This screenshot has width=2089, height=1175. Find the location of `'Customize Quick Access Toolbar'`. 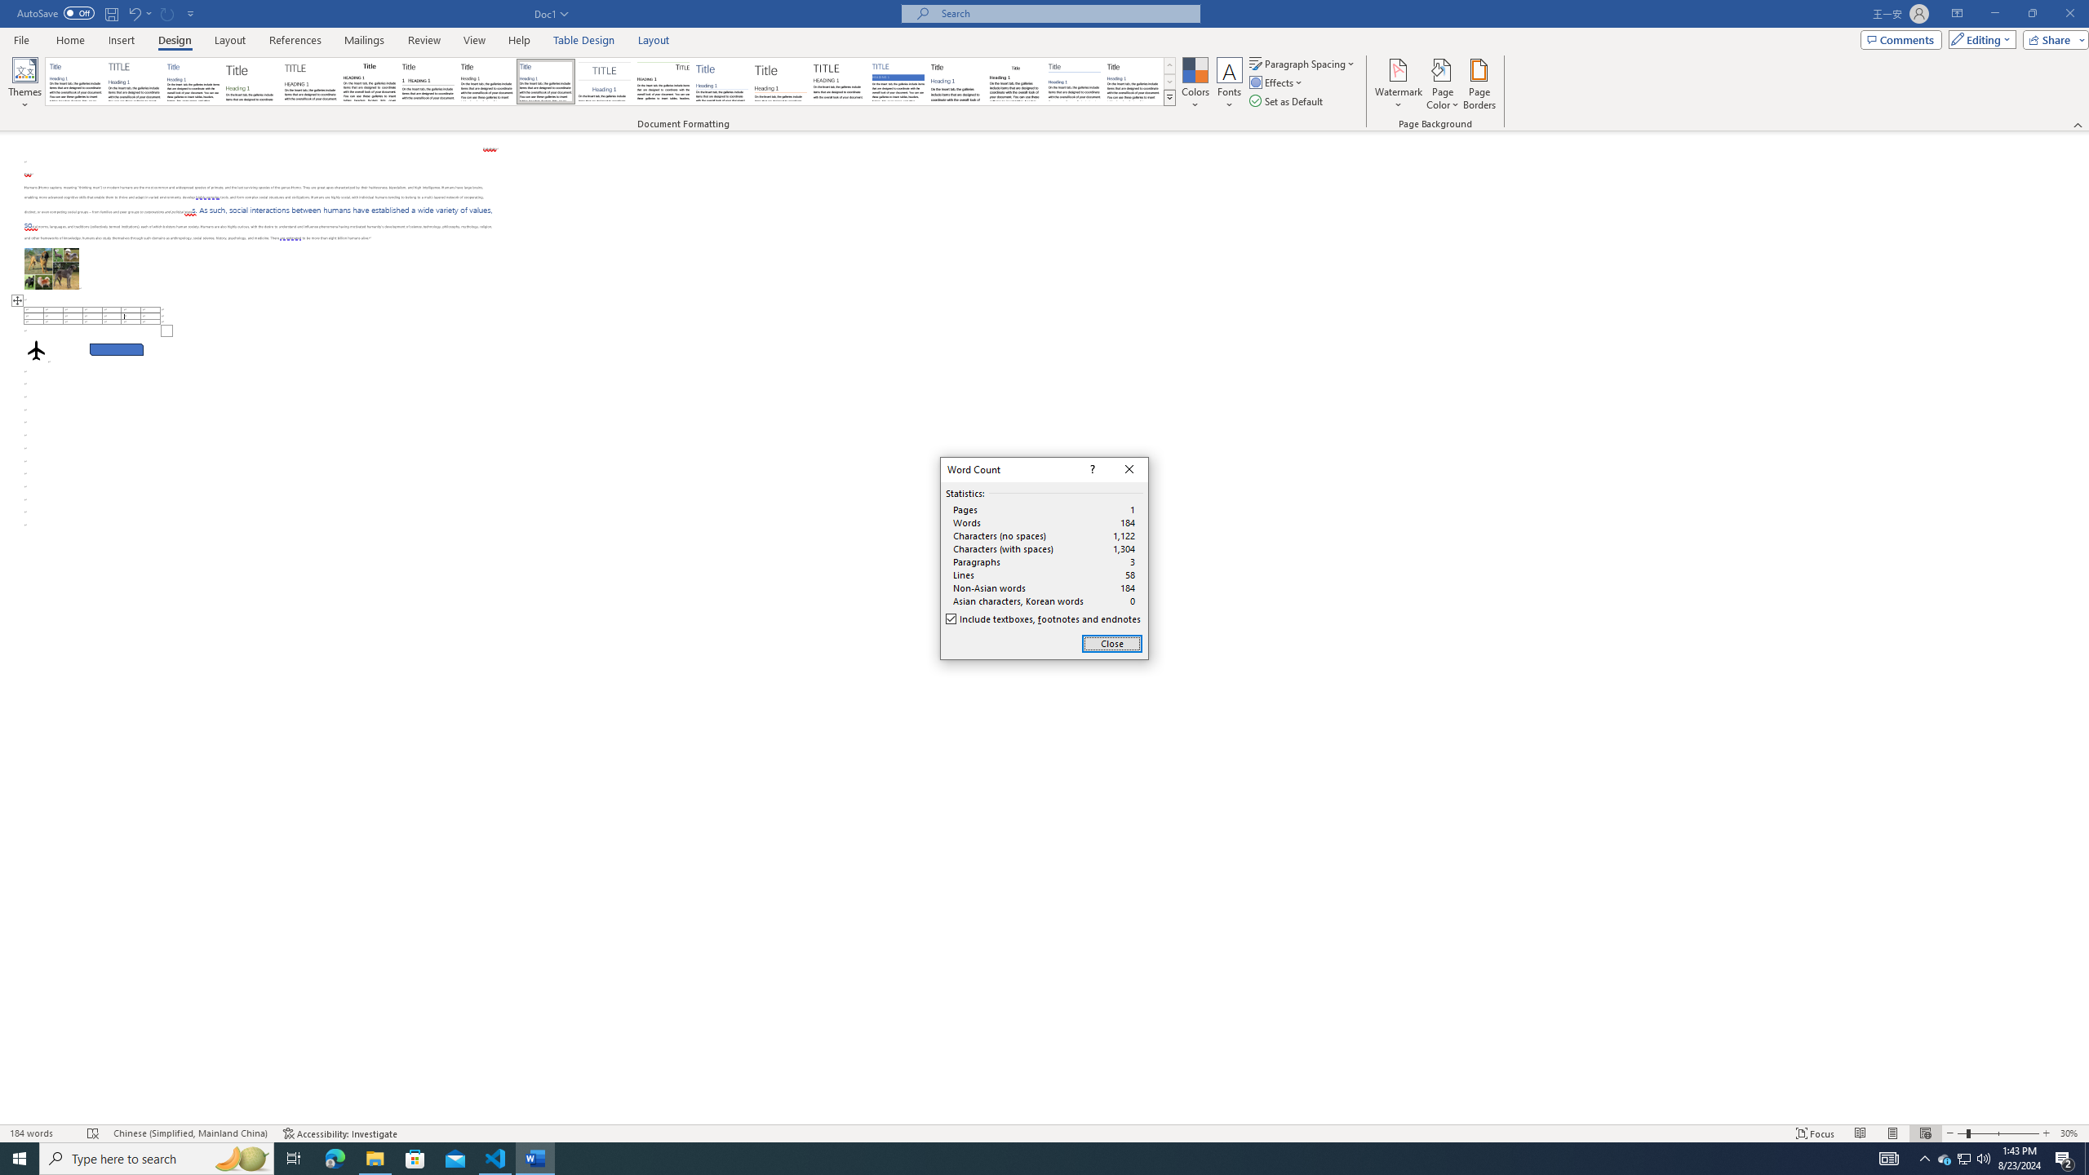

'Customize Quick Access Toolbar' is located at coordinates (190, 12).